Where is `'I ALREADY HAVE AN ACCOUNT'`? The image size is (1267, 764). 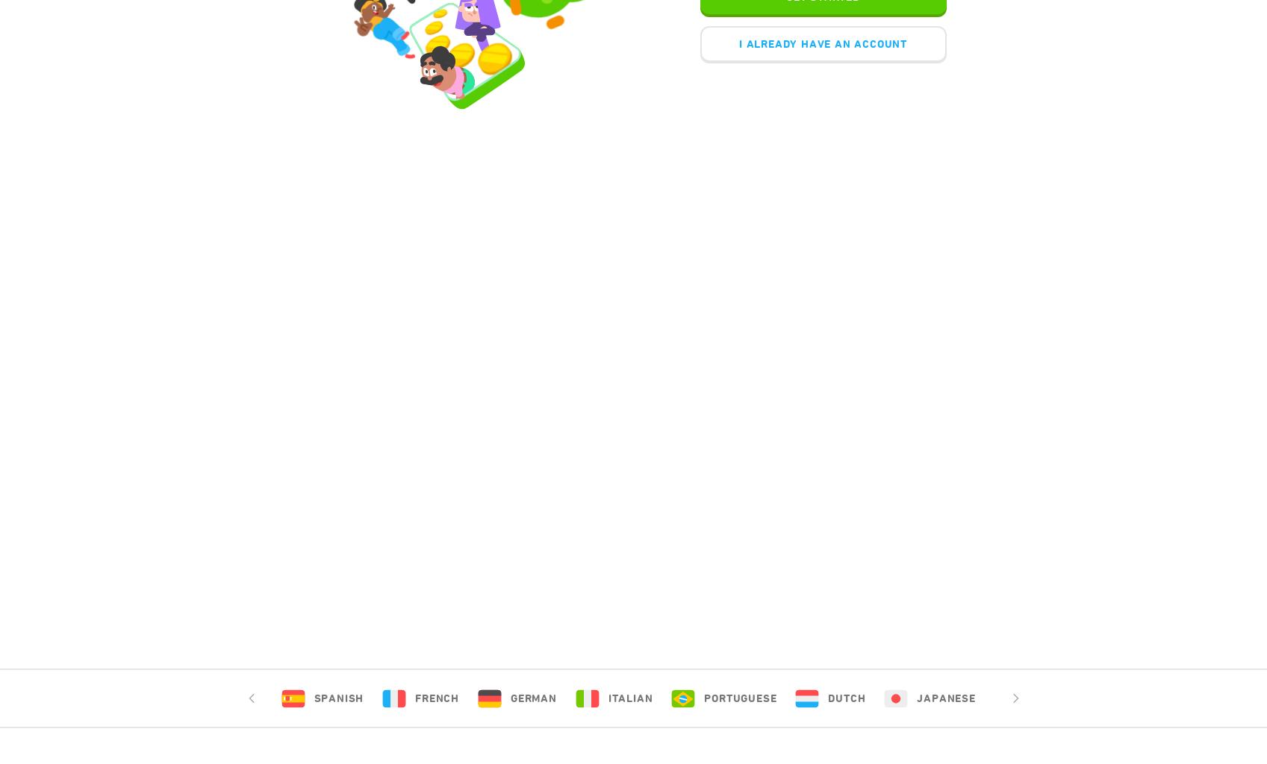 'I ALREADY HAVE AN ACCOUNT' is located at coordinates (823, 43).